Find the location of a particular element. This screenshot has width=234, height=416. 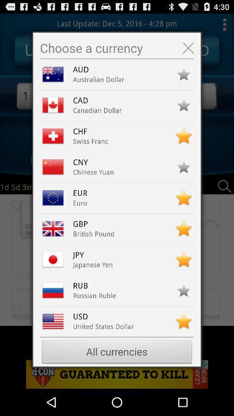

canadian dollar app is located at coordinates (97, 110).